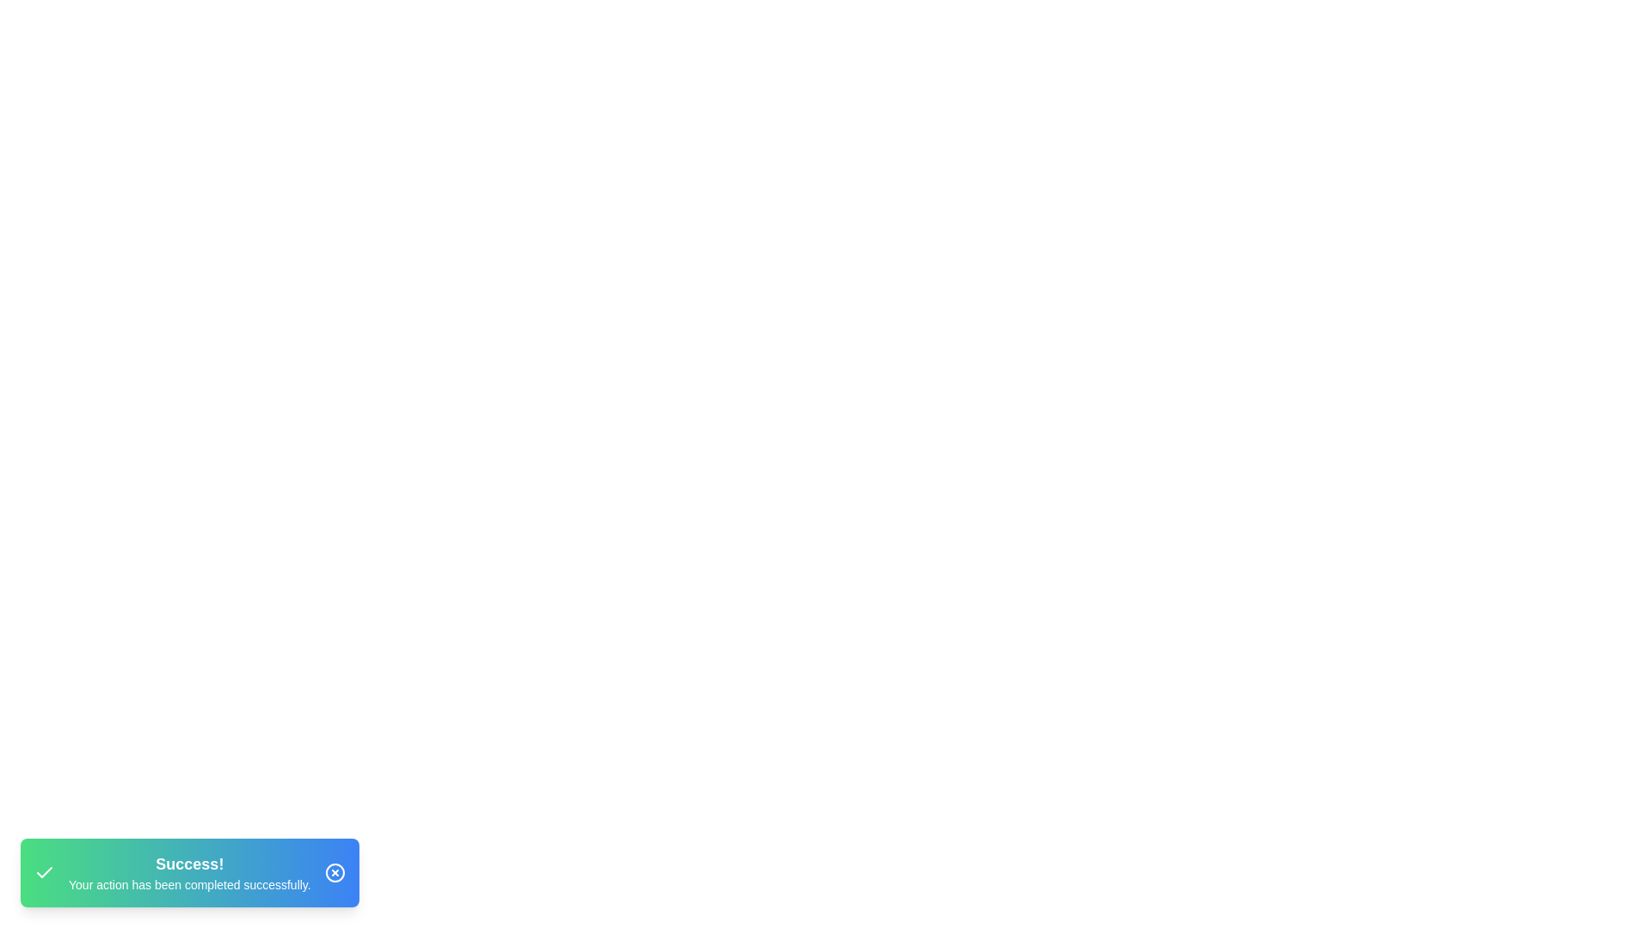 Image resolution: width=1651 pixels, height=928 pixels. Describe the element at coordinates (334, 872) in the screenshot. I see `the close button to dismiss the notification` at that location.